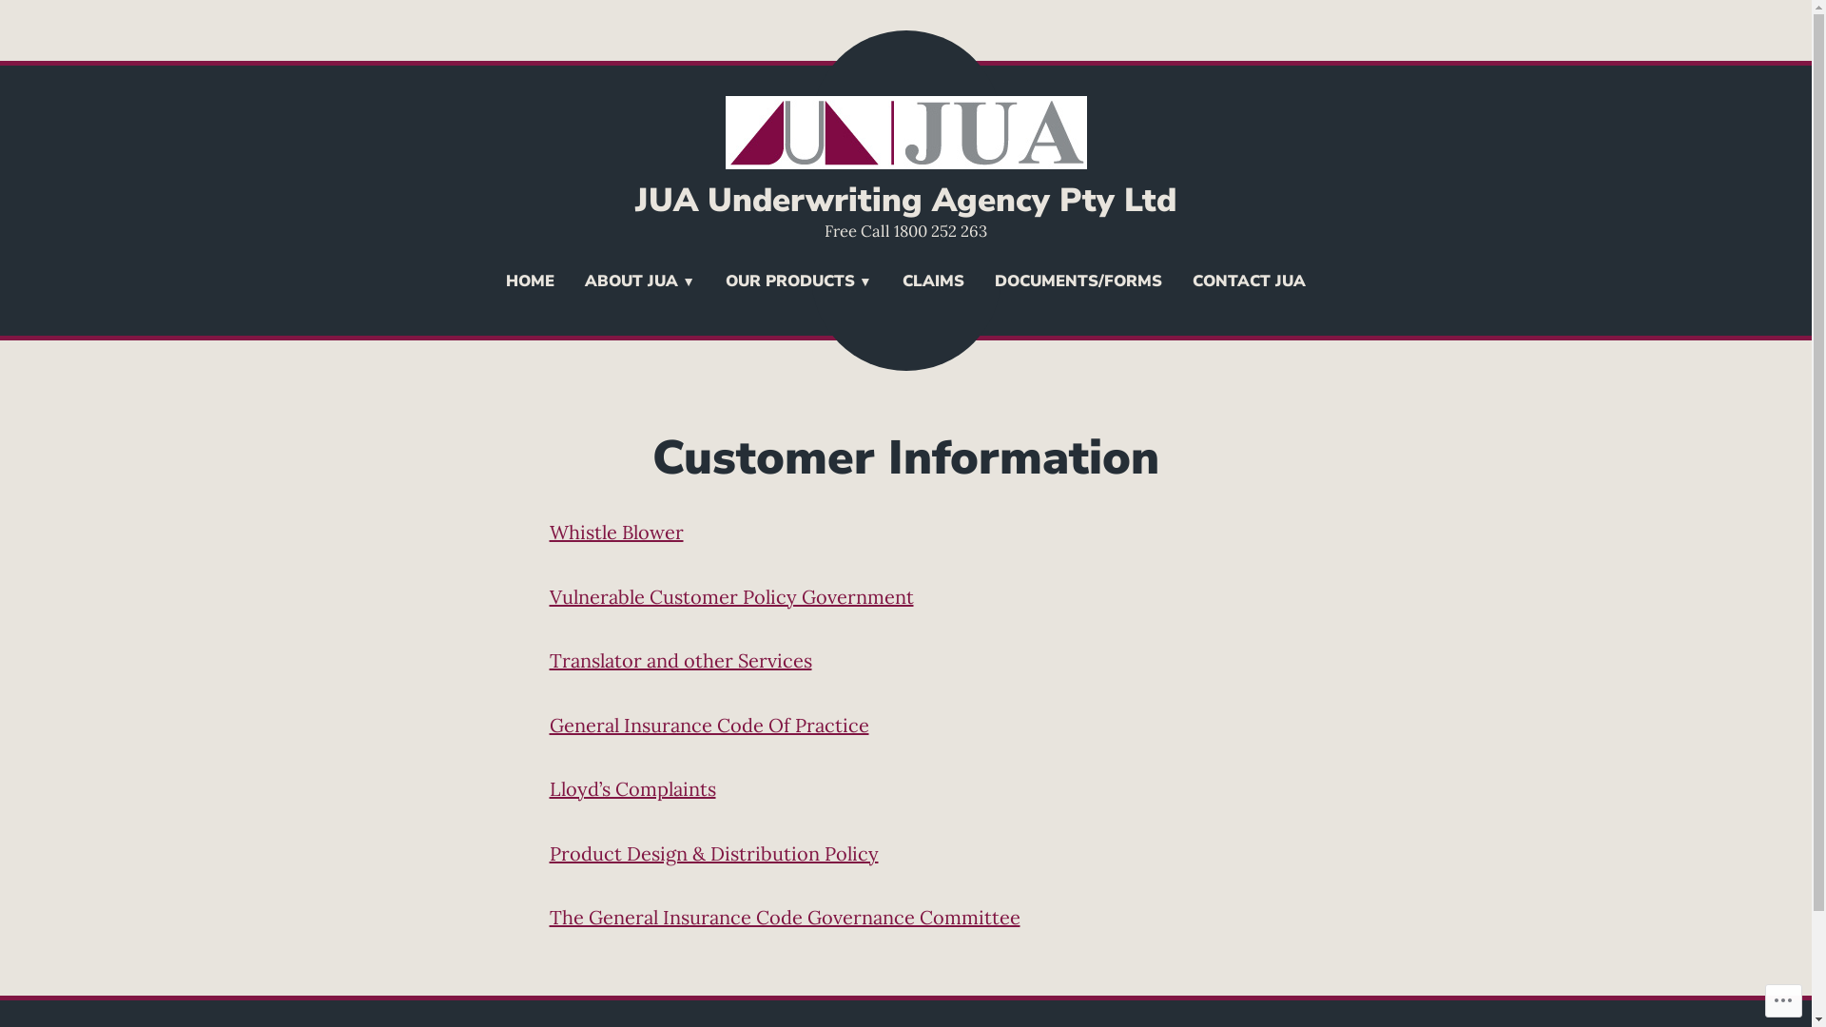 This screenshot has width=1826, height=1027. What do you see at coordinates (712, 852) in the screenshot?
I see `'Product Design & Distribution Policy'` at bounding box center [712, 852].